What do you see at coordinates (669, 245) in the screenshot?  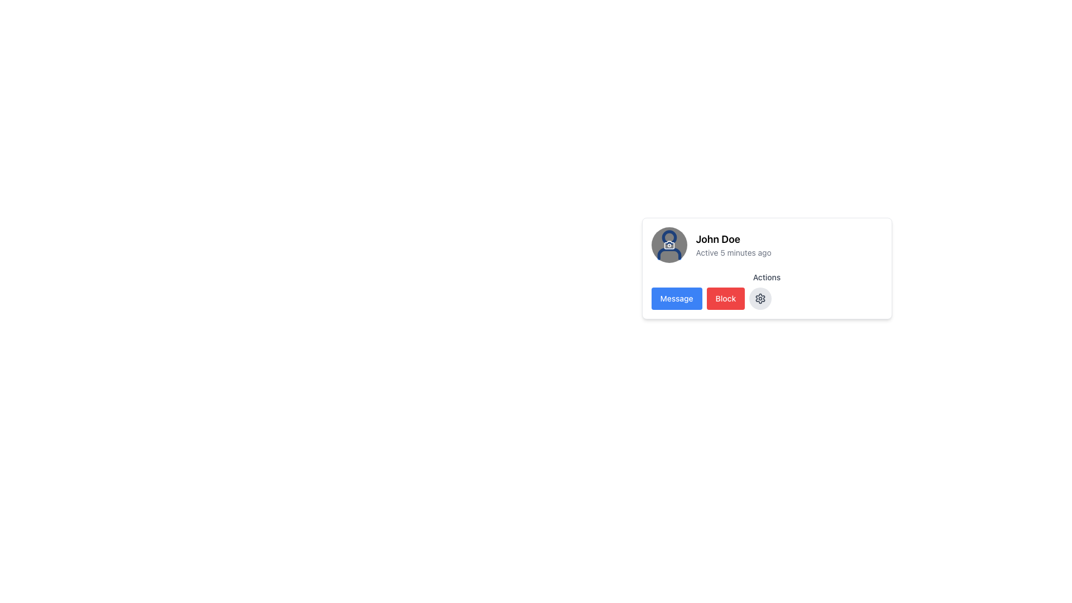 I see `the camera-style icon element, which features a rectangular main body and a viewfinder-like extension, located centrally within the profile picture area of the UI card` at bounding box center [669, 245].